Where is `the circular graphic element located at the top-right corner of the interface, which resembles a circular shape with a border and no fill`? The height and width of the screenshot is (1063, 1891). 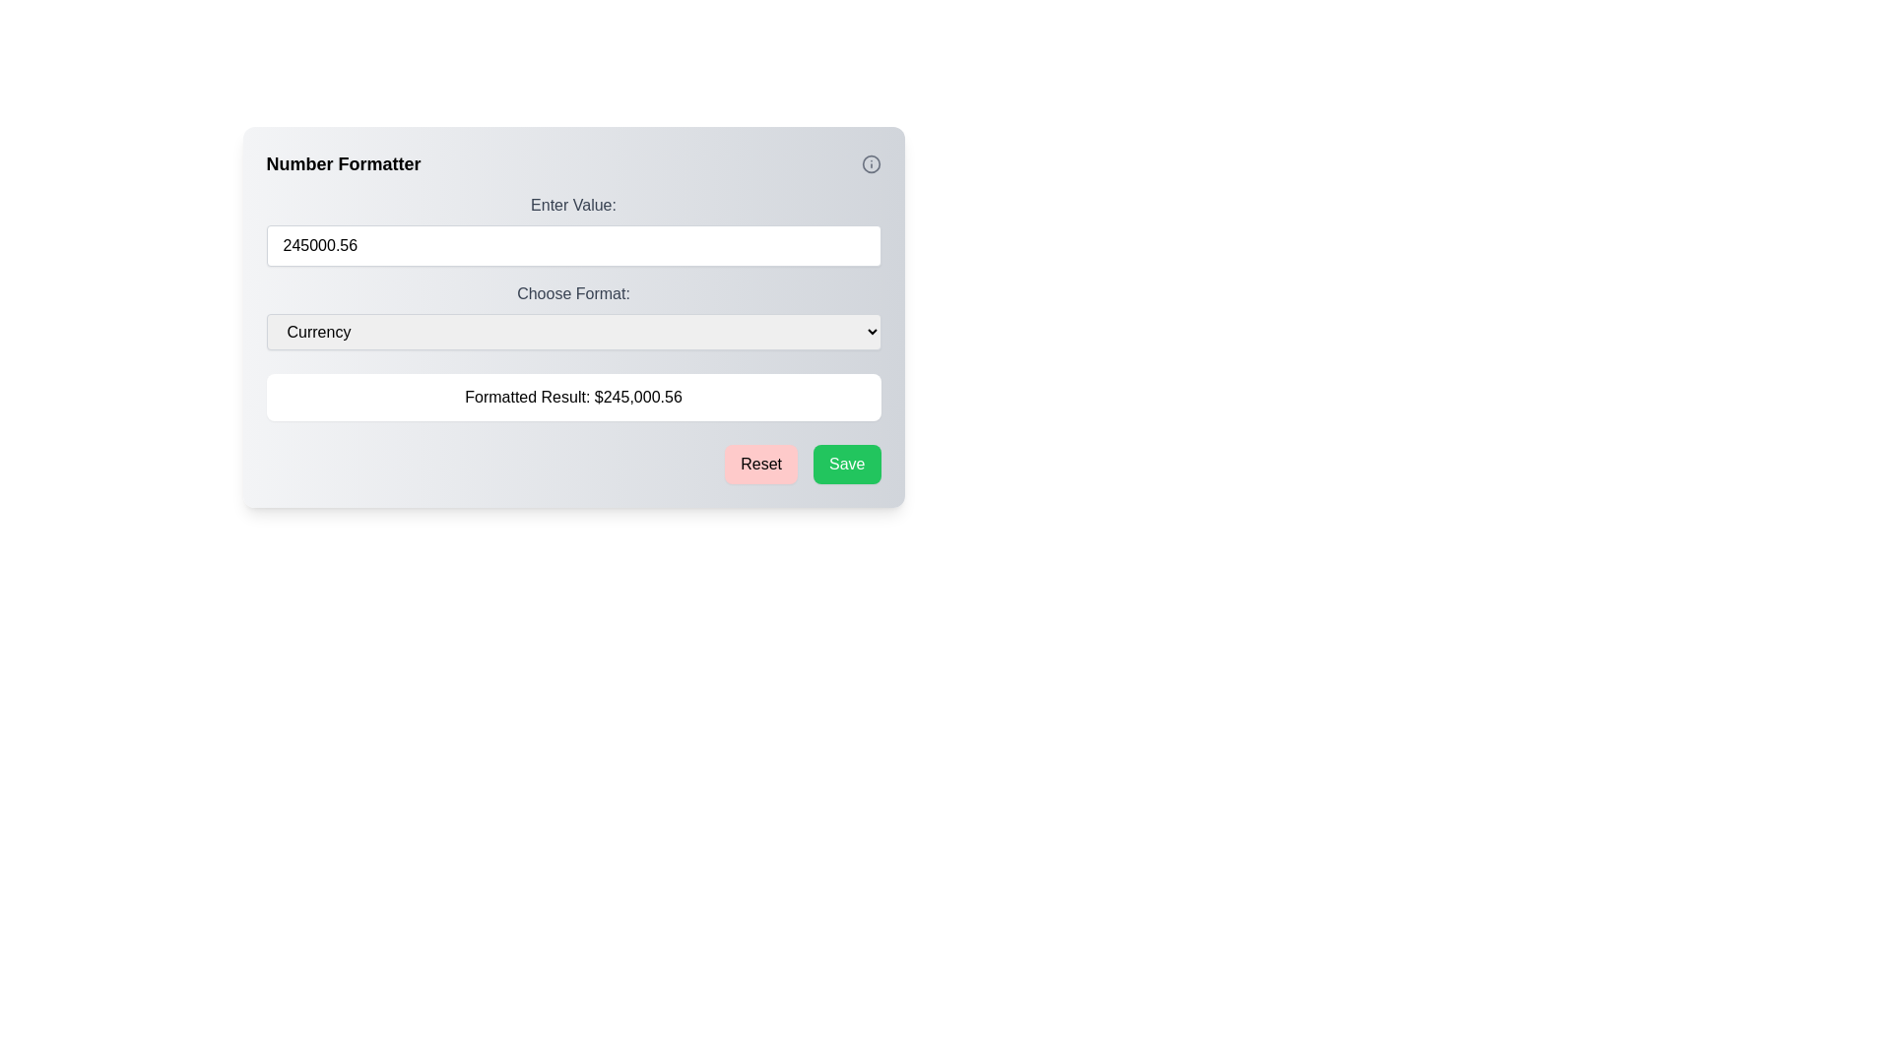
the circular graphic element located at the top-right corner of the interface, which resembles a circular shape with a border and no fill is located at coordinates (870, 162).